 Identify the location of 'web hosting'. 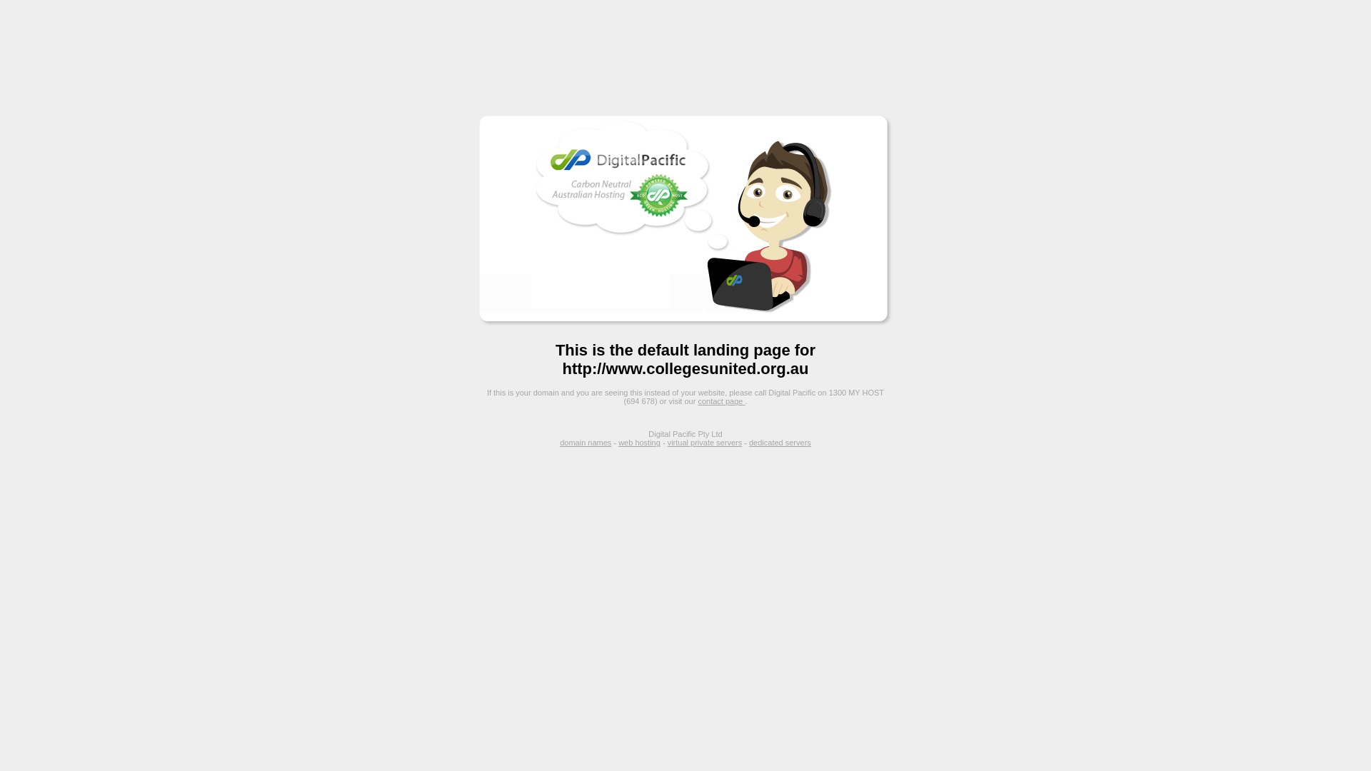
(638, 442).